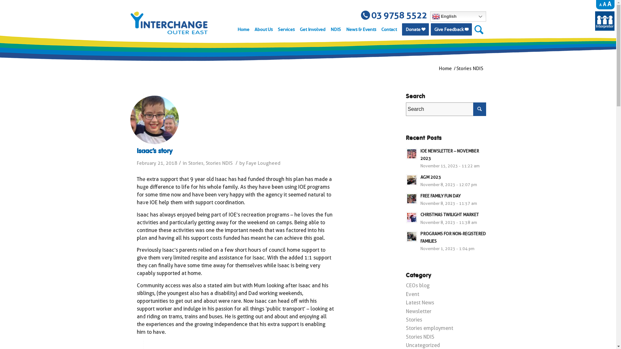 The width and height of the screenshot is (621, 349). I want to click on 'Event', so click(412, 294).